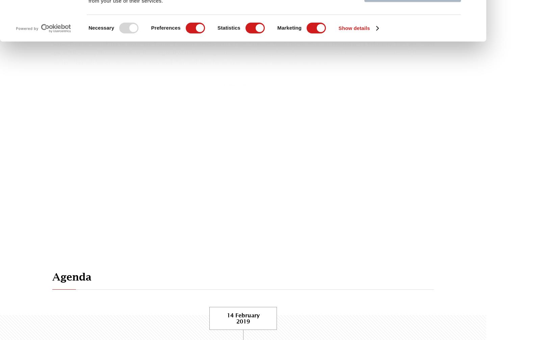 The image size is (542, 340). What do you see at coordinates (220, 85) in the screenshot?
I see `'Sound:'` at bounding box center [220, 85].